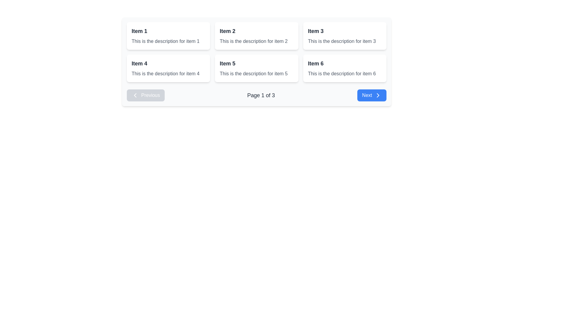 The image size is (577, 324). Describe the element at coordinates (168, 68) in the screenshot. I see `the fourth card` at that location.